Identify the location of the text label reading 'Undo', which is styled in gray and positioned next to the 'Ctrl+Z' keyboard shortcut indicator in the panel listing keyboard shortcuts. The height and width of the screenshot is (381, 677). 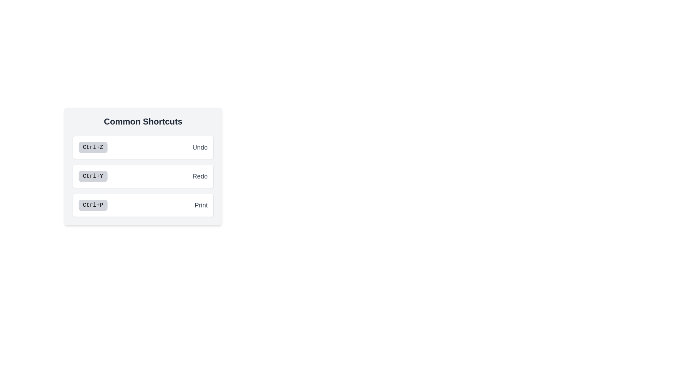
(200, 147).